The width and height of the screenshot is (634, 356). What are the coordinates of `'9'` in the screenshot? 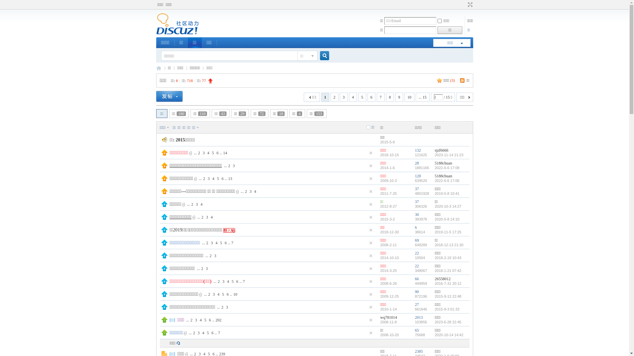 It's located at (399, 97).